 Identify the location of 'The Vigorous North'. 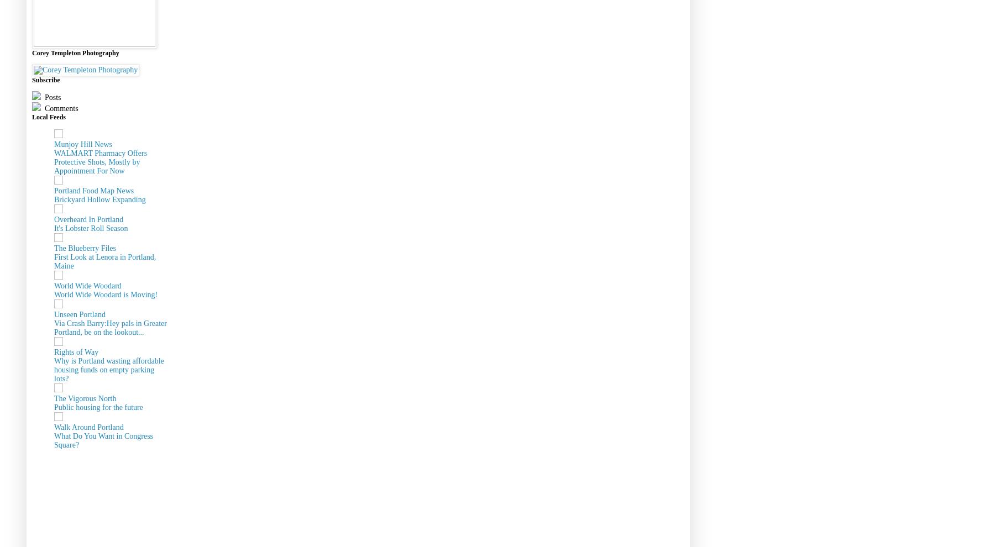
(54, 397).